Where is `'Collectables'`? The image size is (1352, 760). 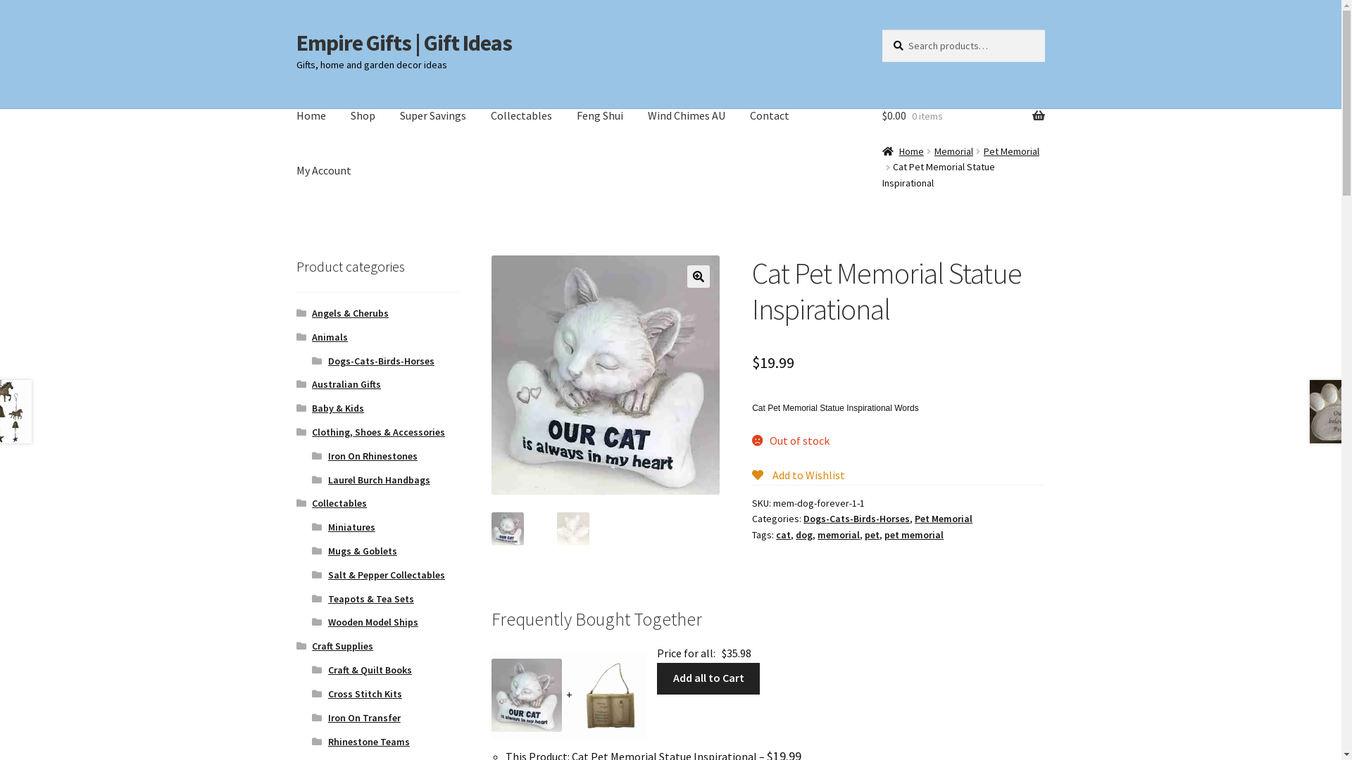
'Collectables' is located at coordinates (339, 502).